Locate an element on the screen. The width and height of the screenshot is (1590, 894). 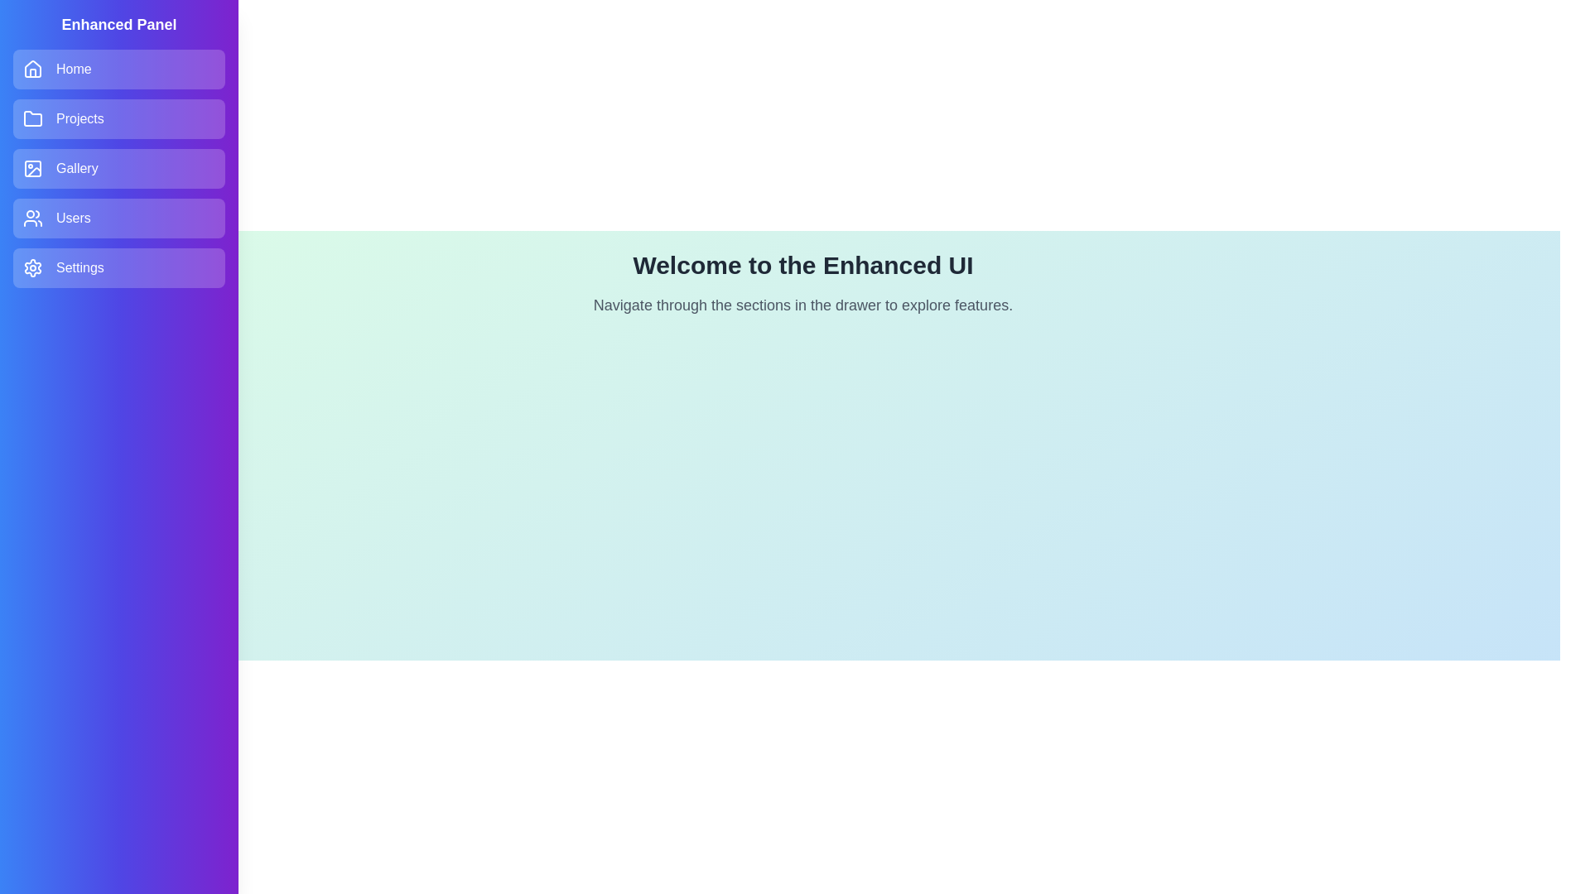
the Settings section in the drawer is located at coordinates (118, 267).